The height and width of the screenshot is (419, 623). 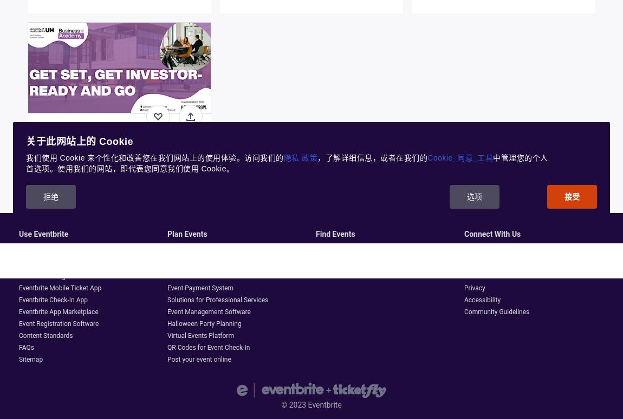 What do you see at coordinates (347, 264) in the screenshot?
I see `'Get the Eventbrite App'` at bounding box center [347, 264].